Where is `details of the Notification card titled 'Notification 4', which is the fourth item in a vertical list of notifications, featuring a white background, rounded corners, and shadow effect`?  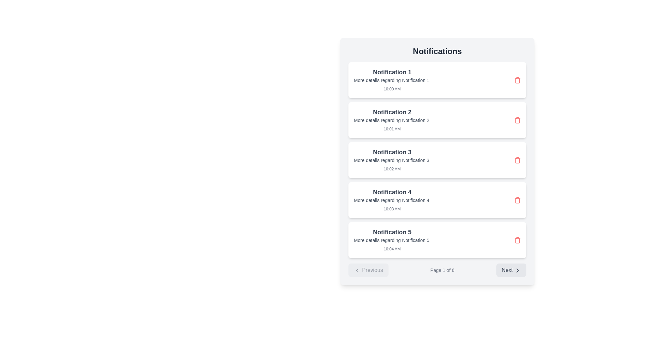
details of the Notification card titled 'Notification 4', which is the fourth item in a vertical list of notifications, featuring a white background, rounded corners, and shadow effect is located at coordinates (437, 200).